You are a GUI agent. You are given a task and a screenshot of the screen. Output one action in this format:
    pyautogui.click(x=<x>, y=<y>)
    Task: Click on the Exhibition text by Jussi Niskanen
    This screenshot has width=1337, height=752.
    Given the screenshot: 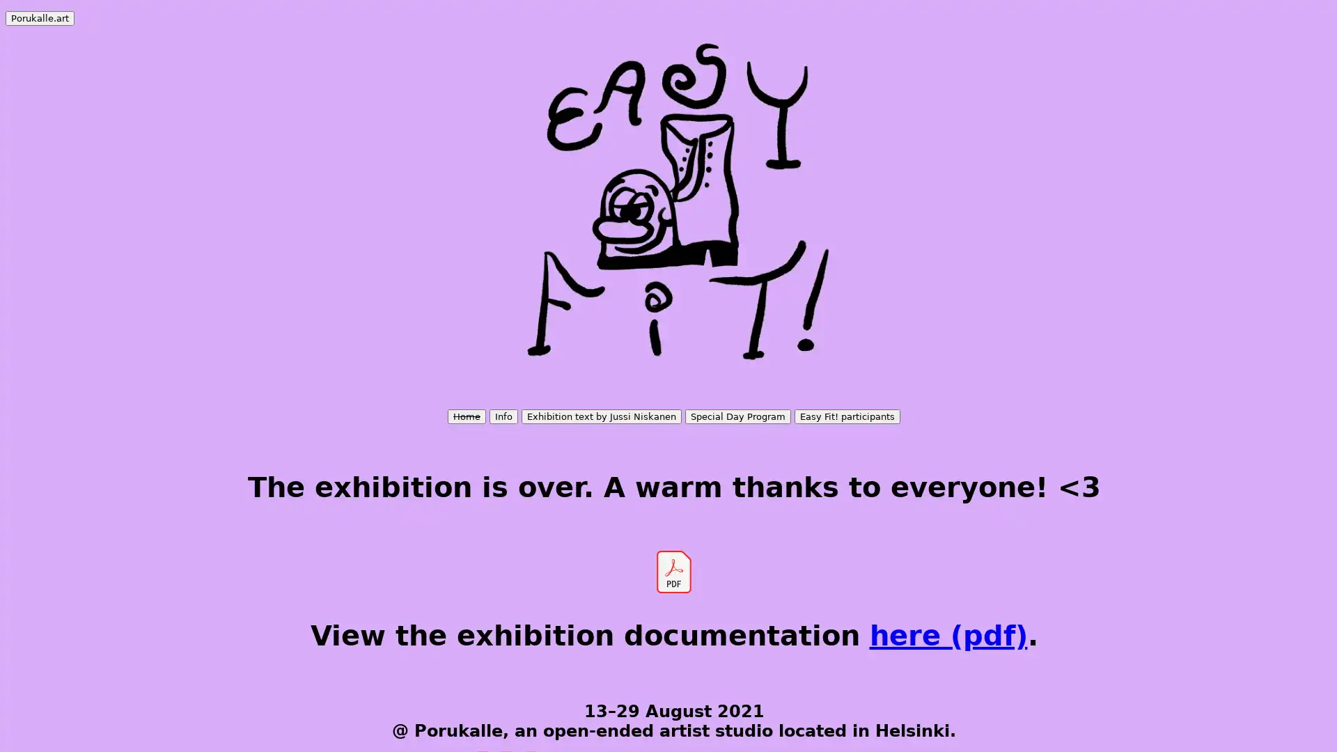 What is the action you would take?
    pyautogui.click(x=602, y=416)
    